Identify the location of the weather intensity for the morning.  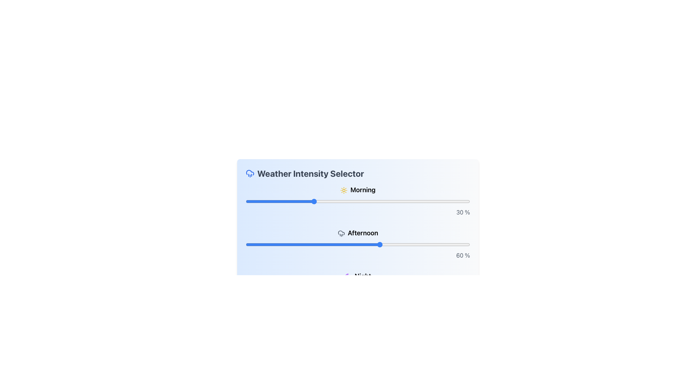
(284, 201).